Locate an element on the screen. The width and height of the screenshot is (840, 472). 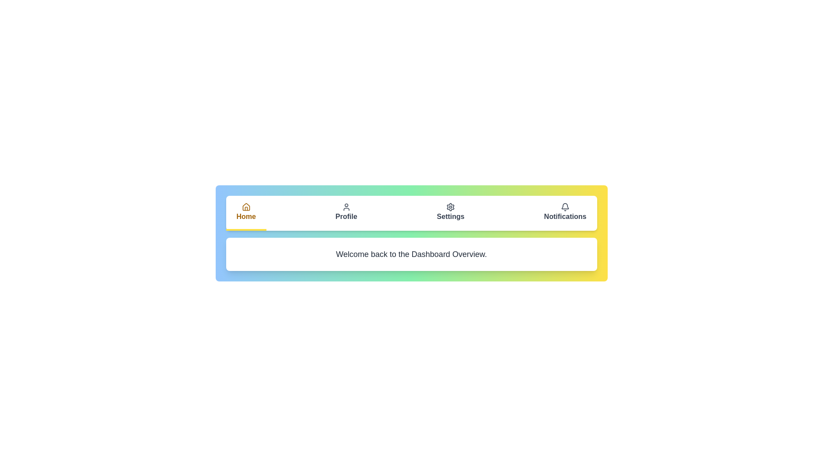
the Text Label in the Navigation Button that represents the profile page option, located between the 'Home' and 'Settings' sections is located at coordinates (346, 216).